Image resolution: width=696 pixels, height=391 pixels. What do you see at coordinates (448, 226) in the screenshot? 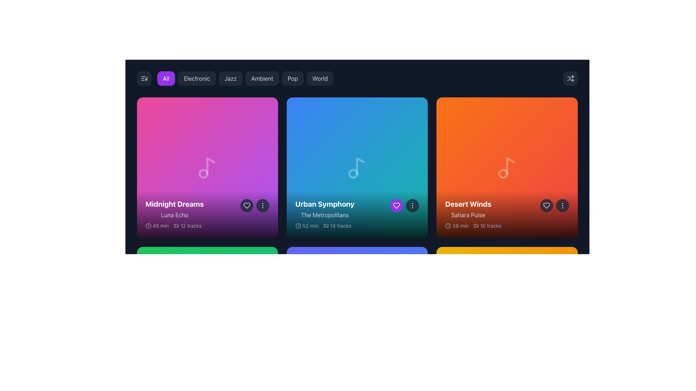
I see `the larger SVG circle that forms part of the clock icon in the bottom-left section of the 'Desert Winds' card` at bounding box center [448, 226].